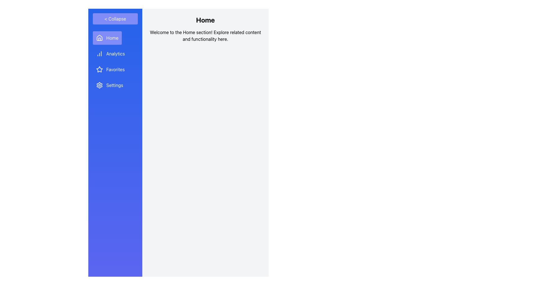 The image size is (540, 304). Describe the element at coordinates (115, 69) in the screenshot. I see `'Favorites' label in the navigation menu, which is the third text label below 'Analytics' and above 'Settings' in the blue sidebar` at that location.